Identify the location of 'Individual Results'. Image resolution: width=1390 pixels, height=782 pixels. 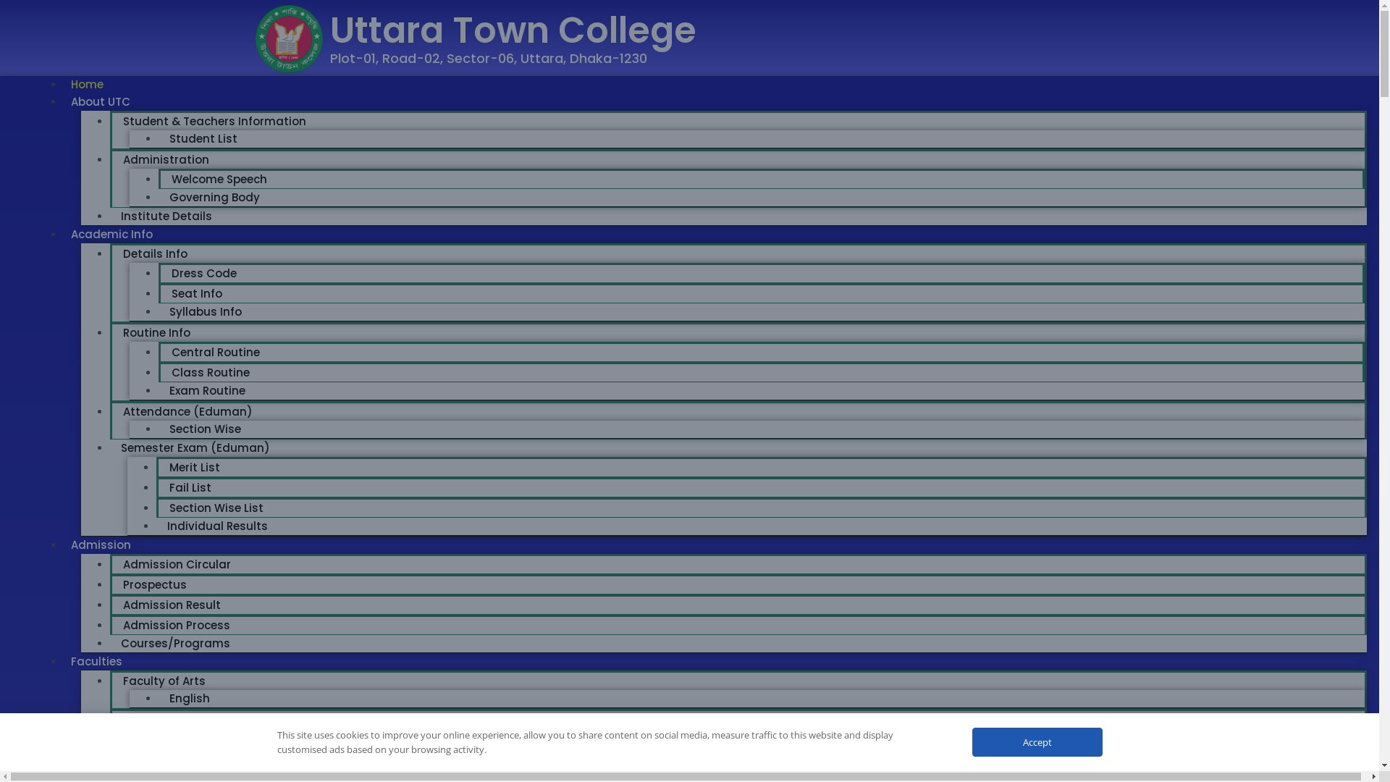
(156, 526).